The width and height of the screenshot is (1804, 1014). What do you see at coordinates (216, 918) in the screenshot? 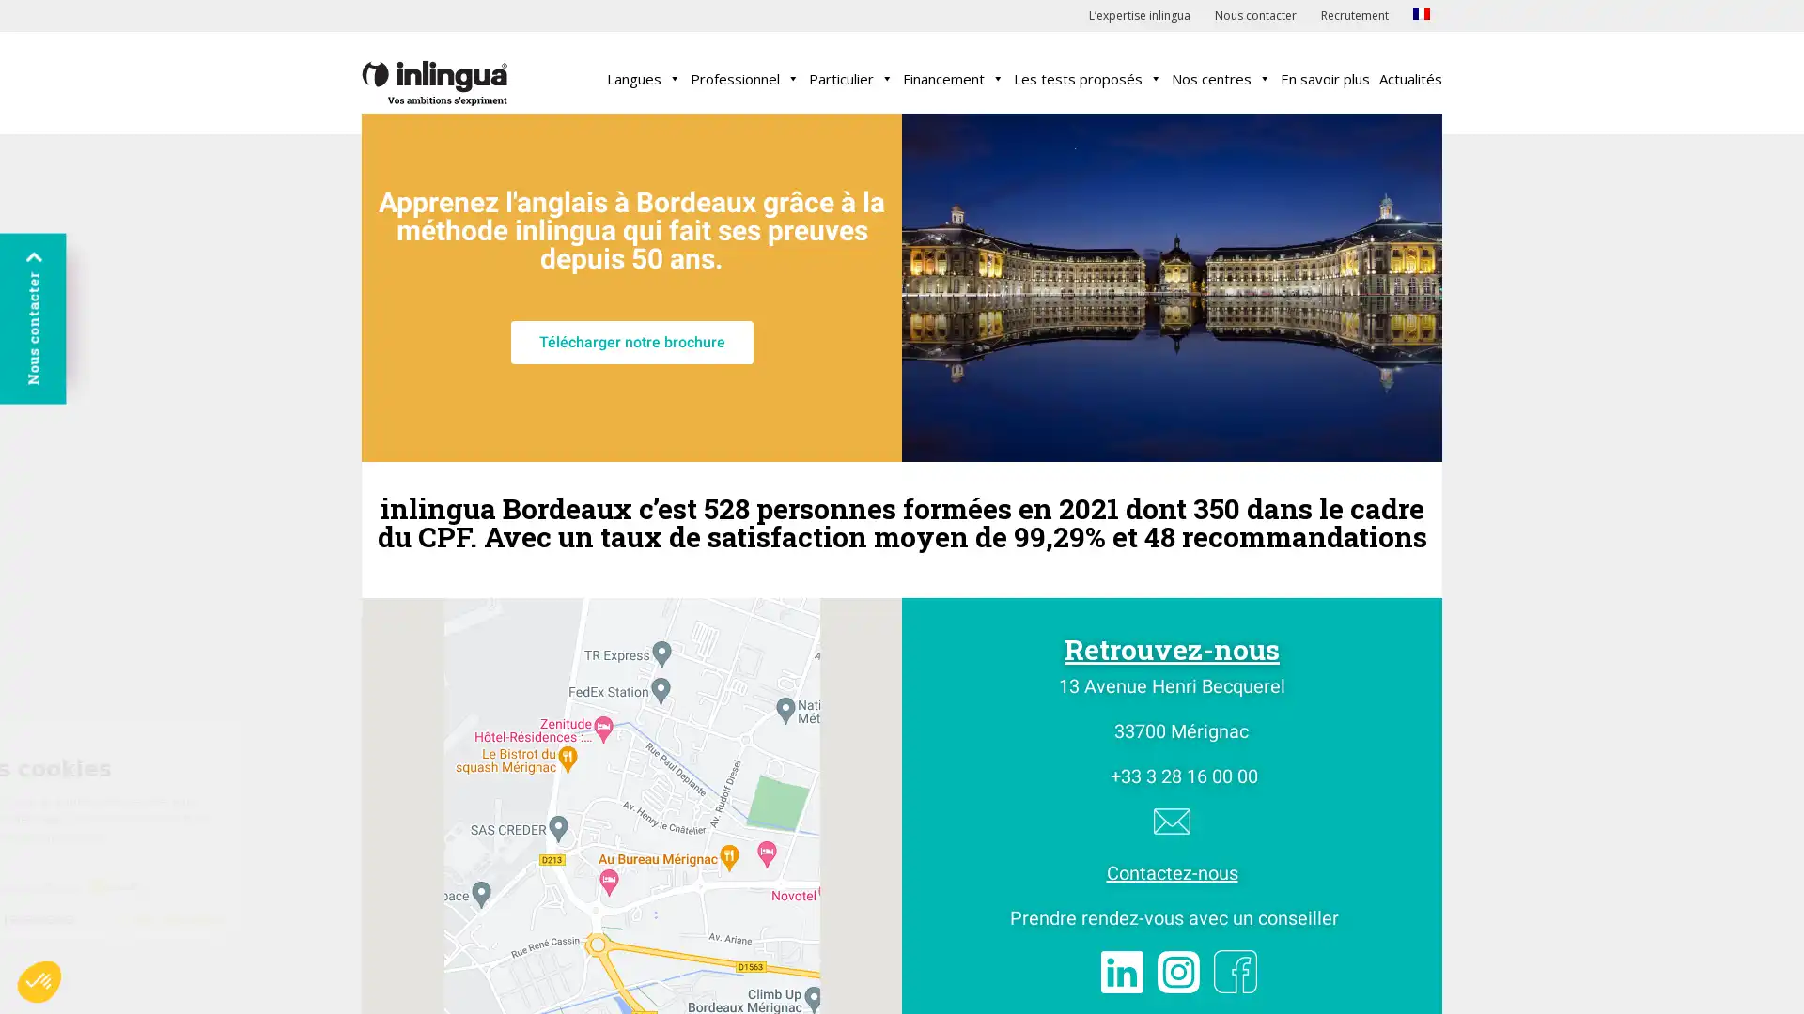
I see `Parametrer` at bounding box center [216, 918].